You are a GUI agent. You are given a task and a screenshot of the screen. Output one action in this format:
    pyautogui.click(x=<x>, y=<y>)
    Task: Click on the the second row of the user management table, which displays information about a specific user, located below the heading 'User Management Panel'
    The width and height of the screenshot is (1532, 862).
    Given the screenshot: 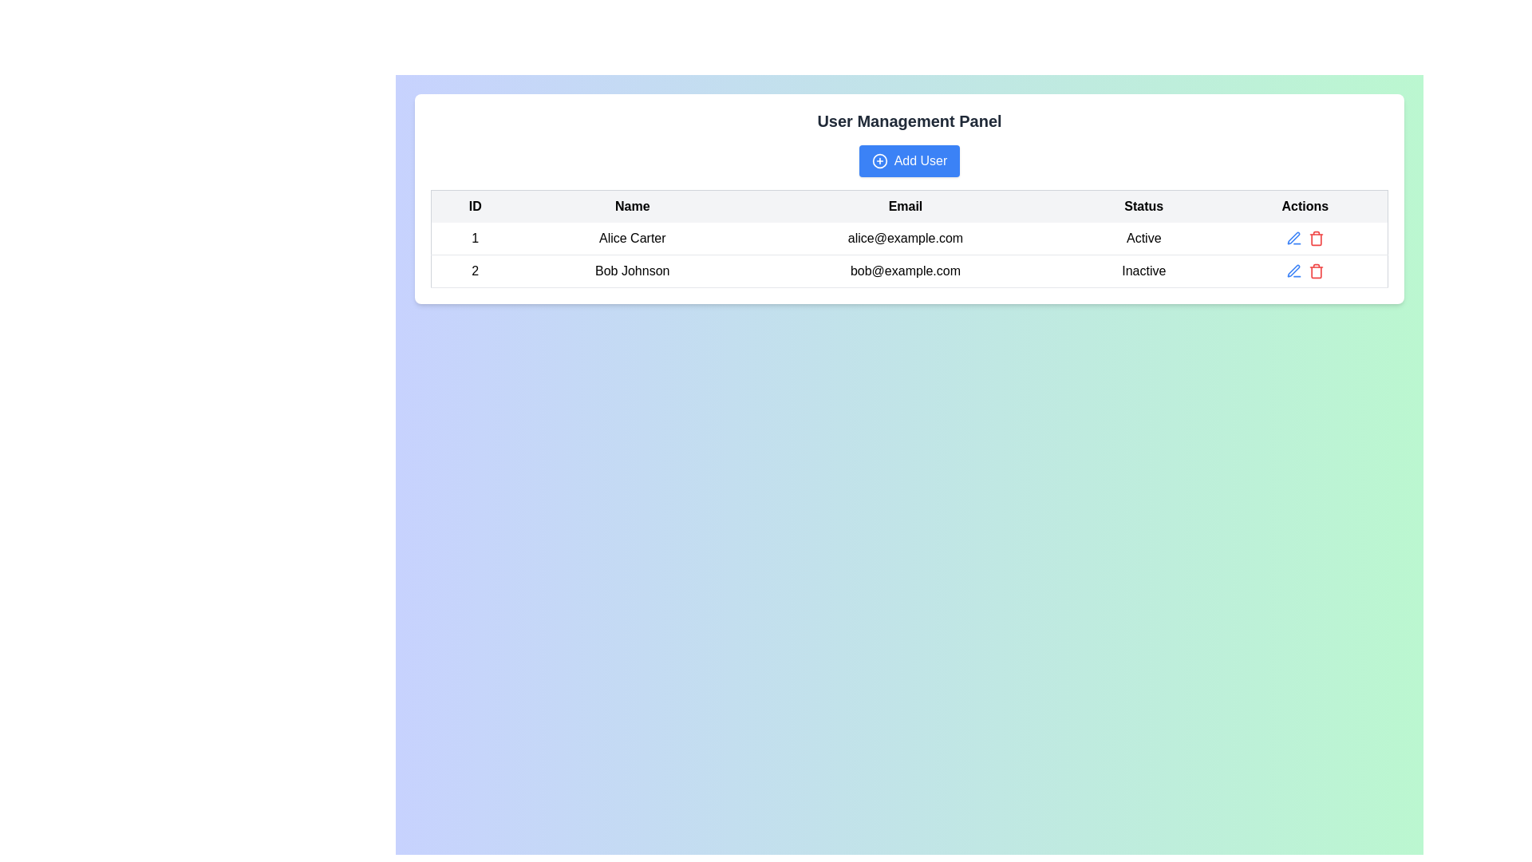 What is the action you would take?
    pyautogui.click(x=910, y=270)
    